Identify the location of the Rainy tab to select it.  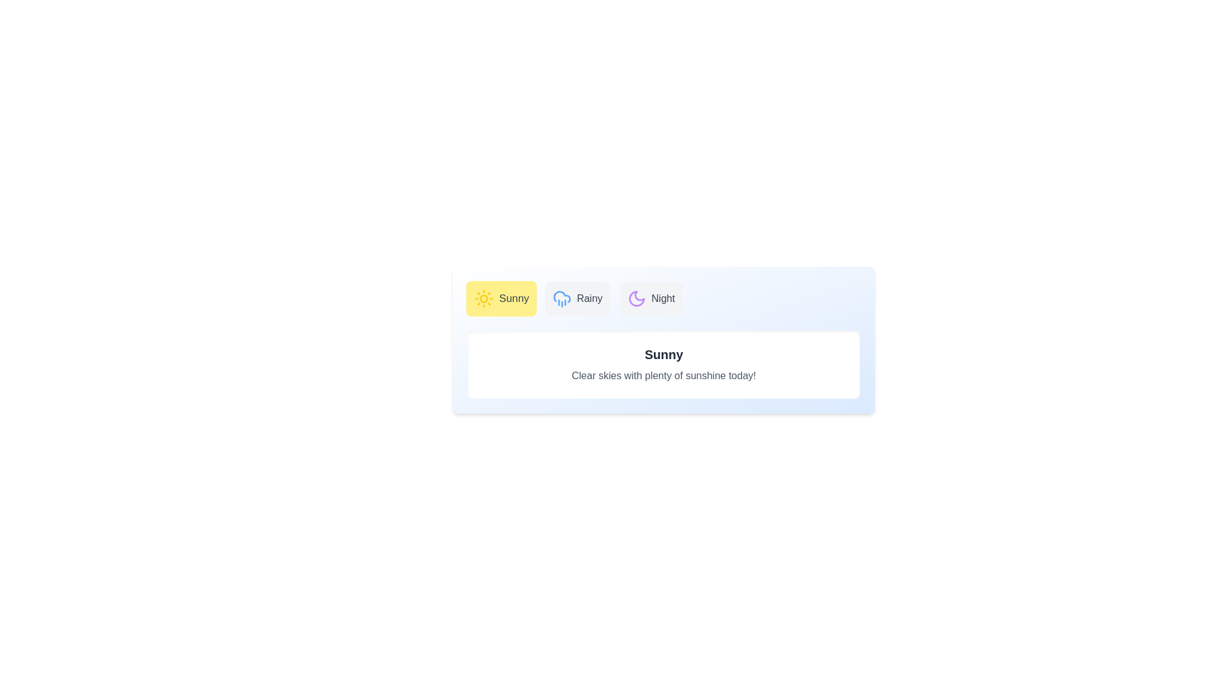
(577, 298).